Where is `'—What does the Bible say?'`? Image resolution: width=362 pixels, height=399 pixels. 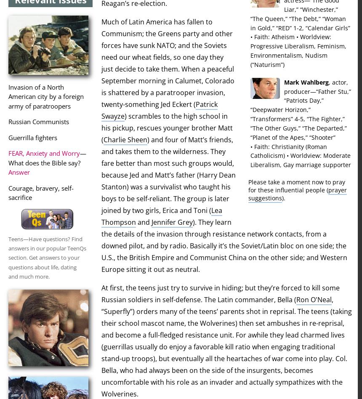
'—What does the Bible say?' is located at coordinates (47, 157).